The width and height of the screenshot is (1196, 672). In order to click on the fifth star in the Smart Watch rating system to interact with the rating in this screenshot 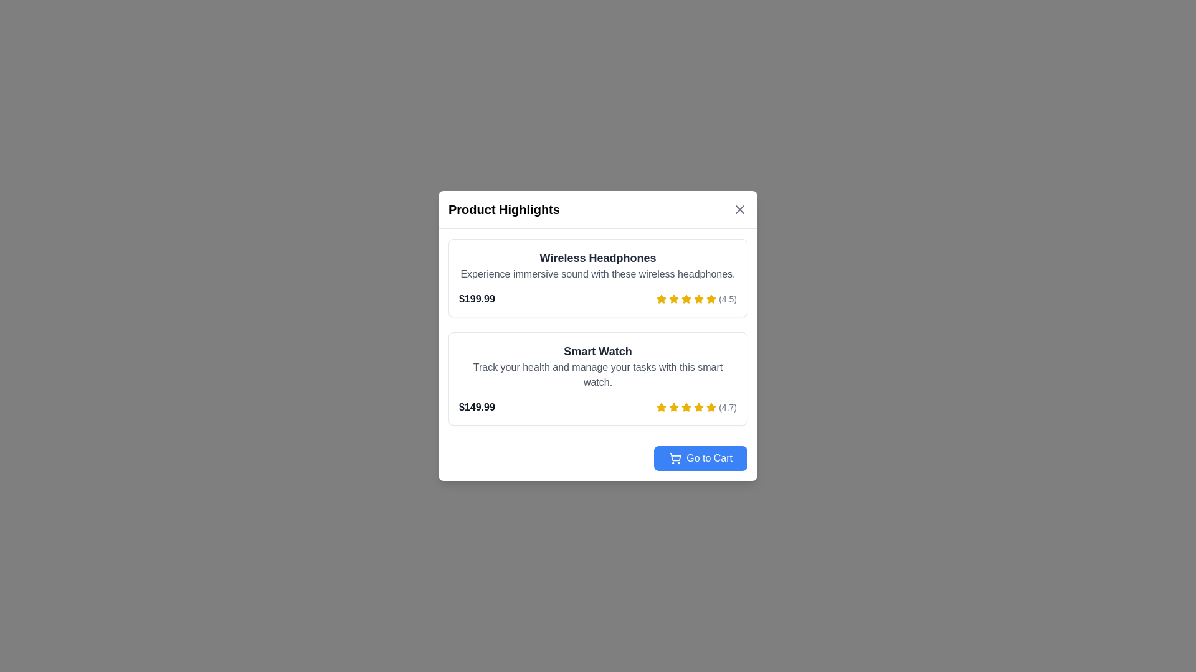, I will do `click(711, 407)`.